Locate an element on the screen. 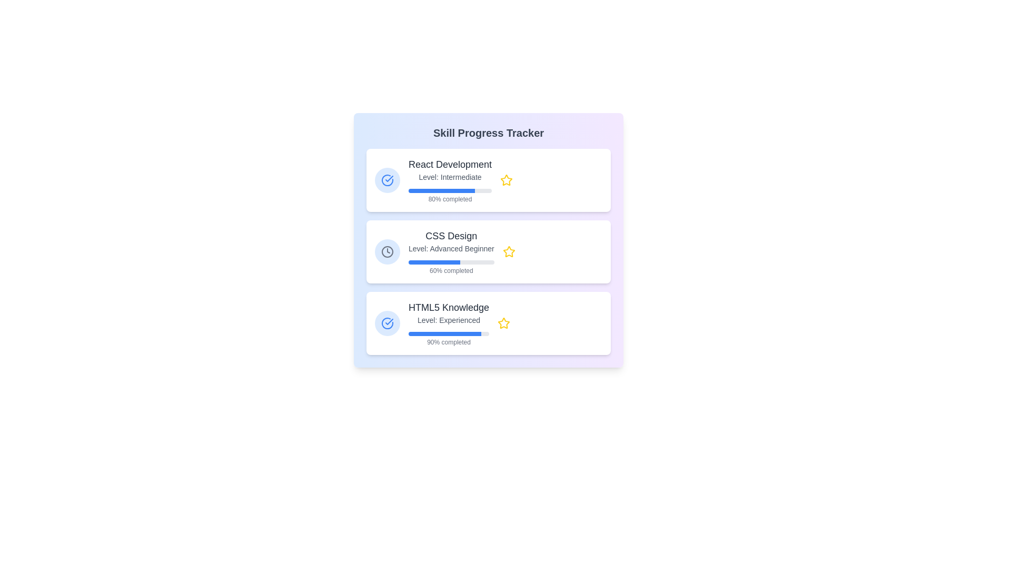 This screenshot has width=1011, height=568. the bright yellow star-shaped icon located at the far right of the 'CSS Design' section is located at coordinates (509, 251).